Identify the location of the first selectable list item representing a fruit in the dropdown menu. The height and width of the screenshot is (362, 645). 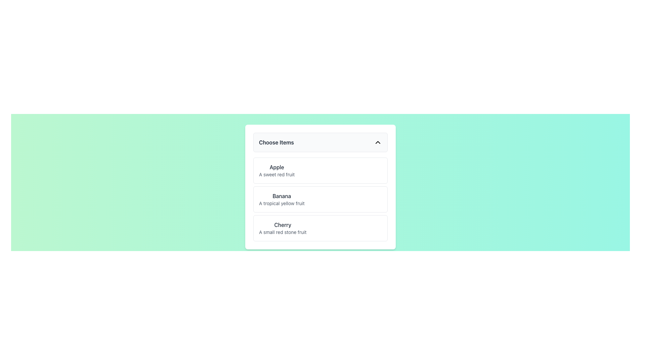
(277, 170).